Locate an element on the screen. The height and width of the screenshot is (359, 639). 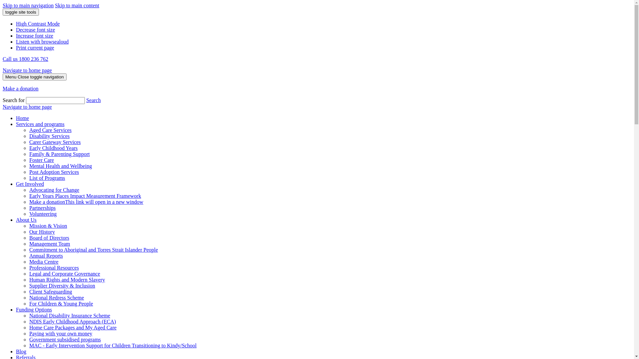
'List of Programs' is located at coordinates (29, 178).